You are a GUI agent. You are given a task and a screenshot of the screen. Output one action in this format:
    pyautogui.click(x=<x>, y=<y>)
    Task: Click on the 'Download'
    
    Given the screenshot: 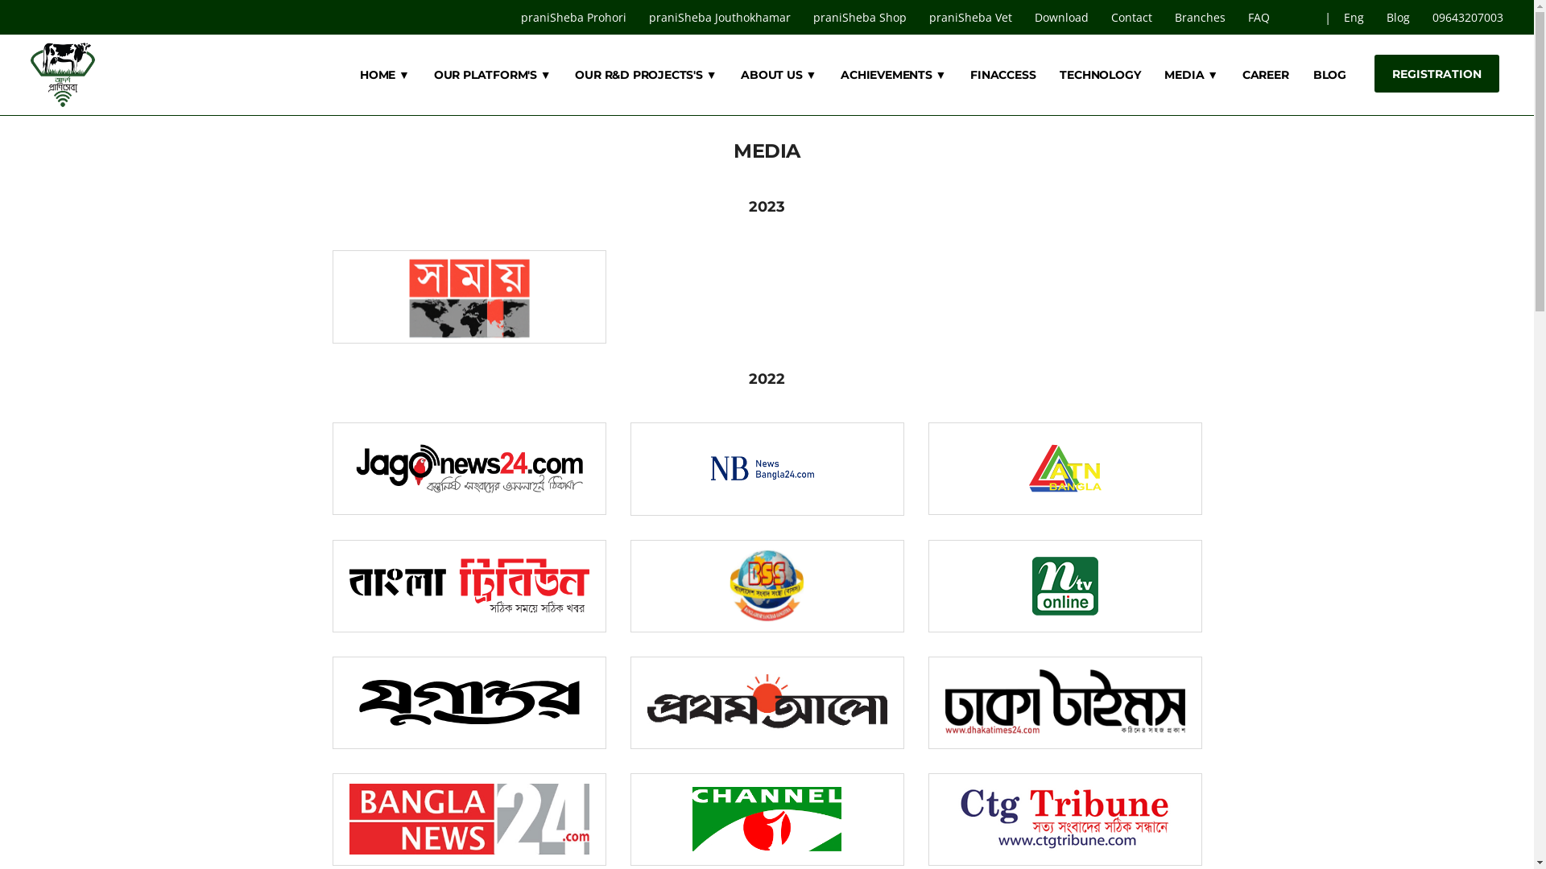 What is the action you would take?
    pyautogui.click(x=1023, y=17)
    